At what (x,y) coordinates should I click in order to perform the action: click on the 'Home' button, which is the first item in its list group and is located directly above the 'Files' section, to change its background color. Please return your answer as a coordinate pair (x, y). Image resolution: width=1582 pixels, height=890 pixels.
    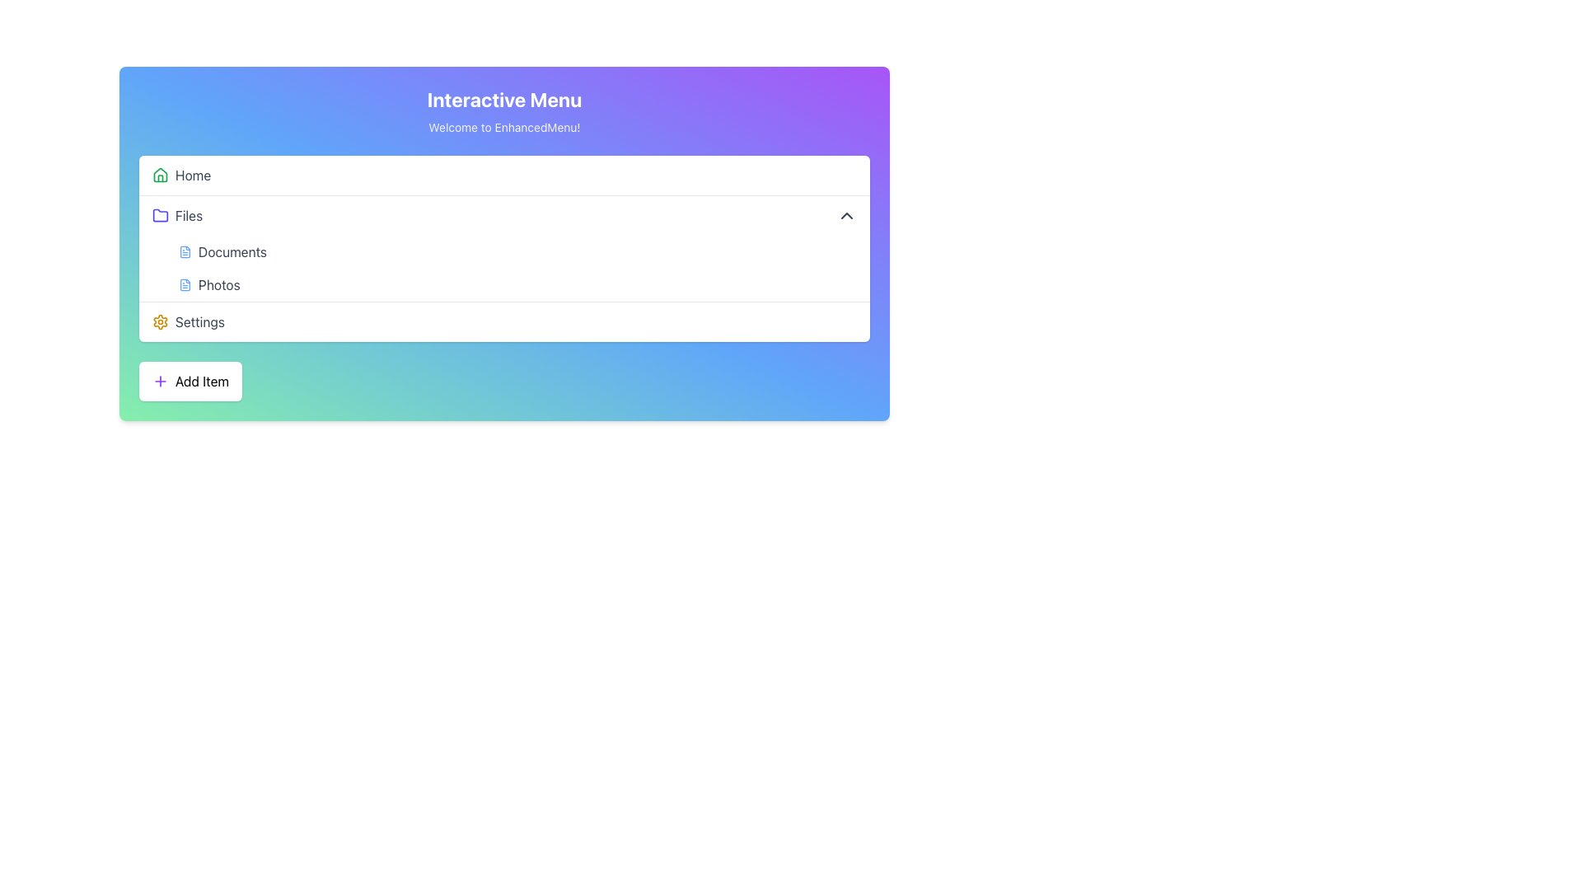
    Looking at the image, I should click on (503, 175).